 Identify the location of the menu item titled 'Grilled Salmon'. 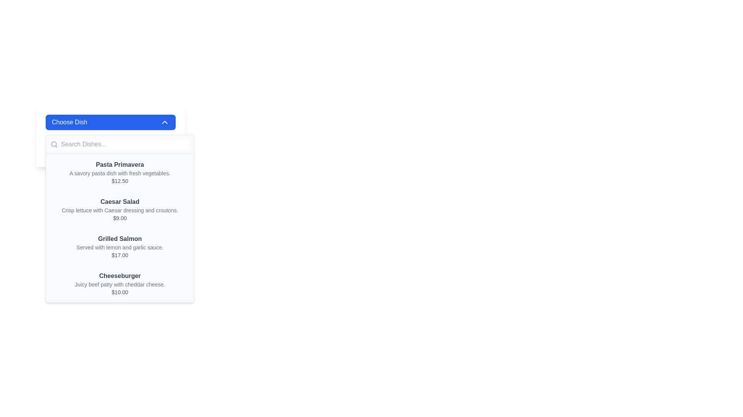
(120, 247).